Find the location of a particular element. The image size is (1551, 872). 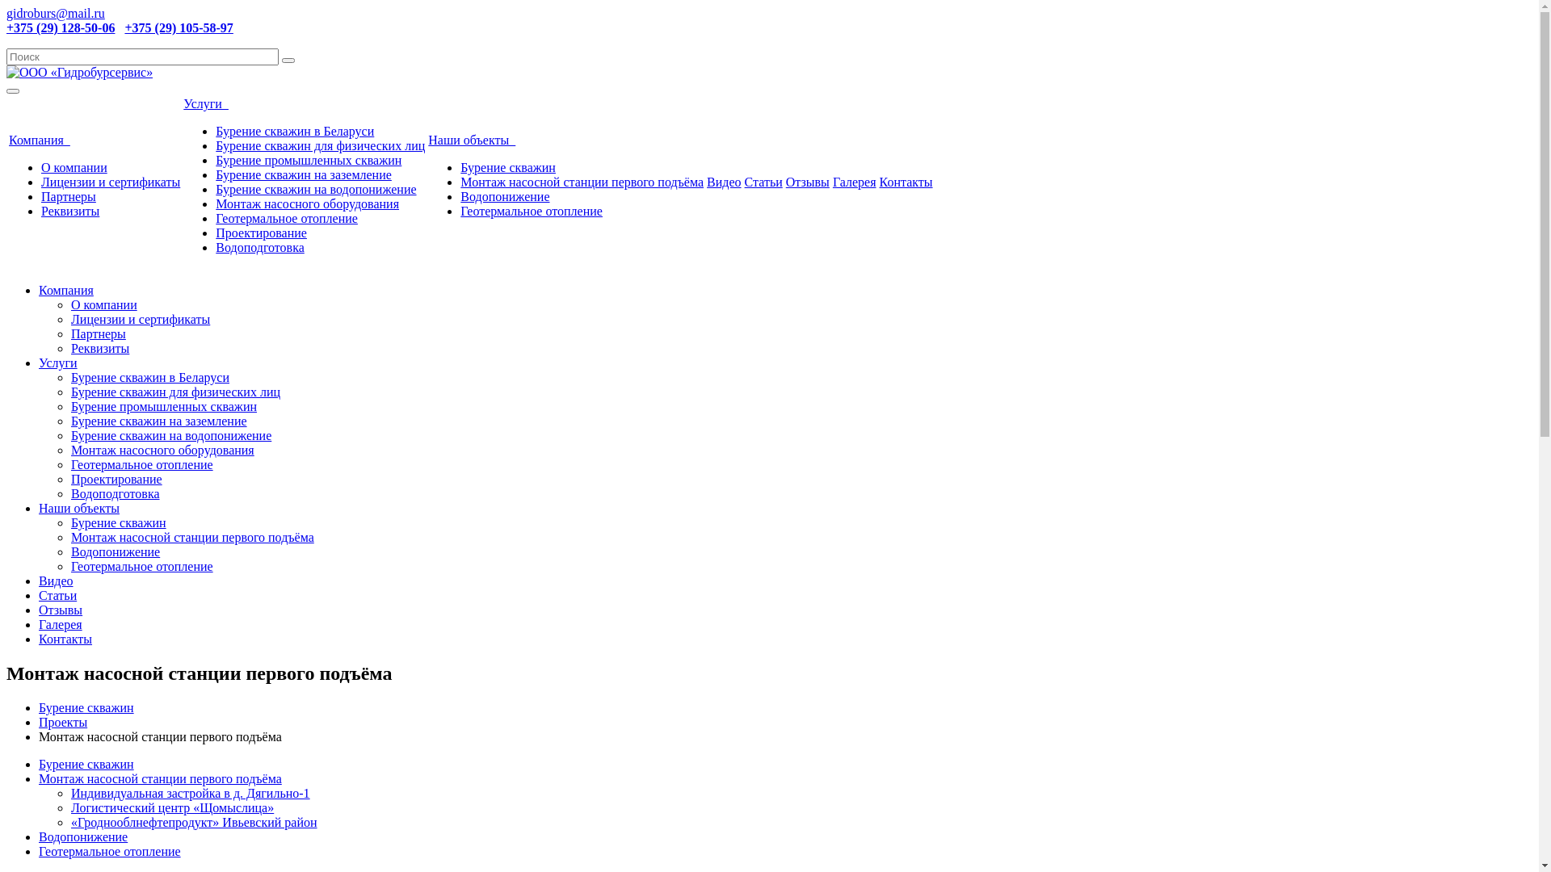

'+375 (29) 128-50-06' is located at coordinates (61, 27).